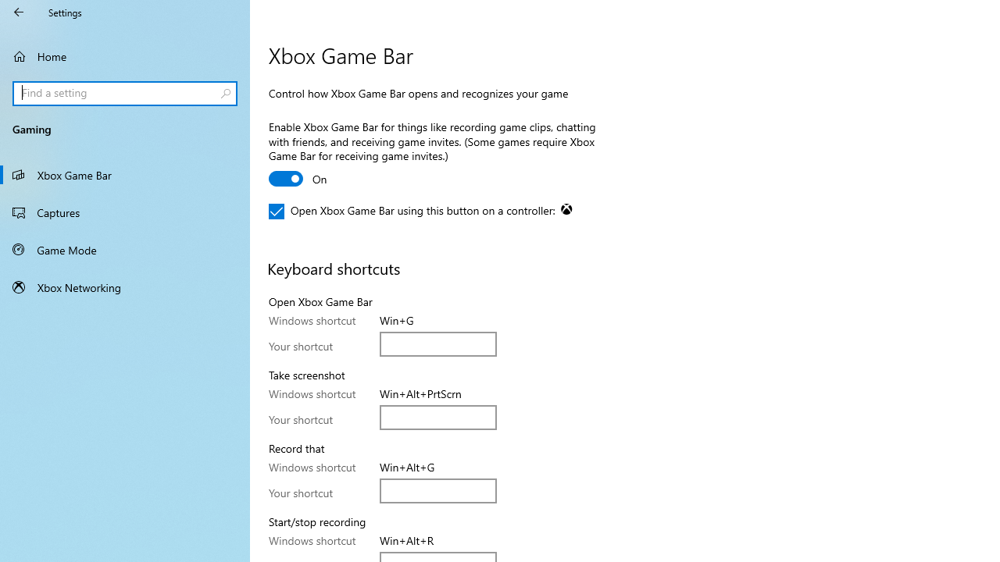 The width and height of the screenshot is (1000, 562). I want to click on 'Game Mode', so click(125, 249).